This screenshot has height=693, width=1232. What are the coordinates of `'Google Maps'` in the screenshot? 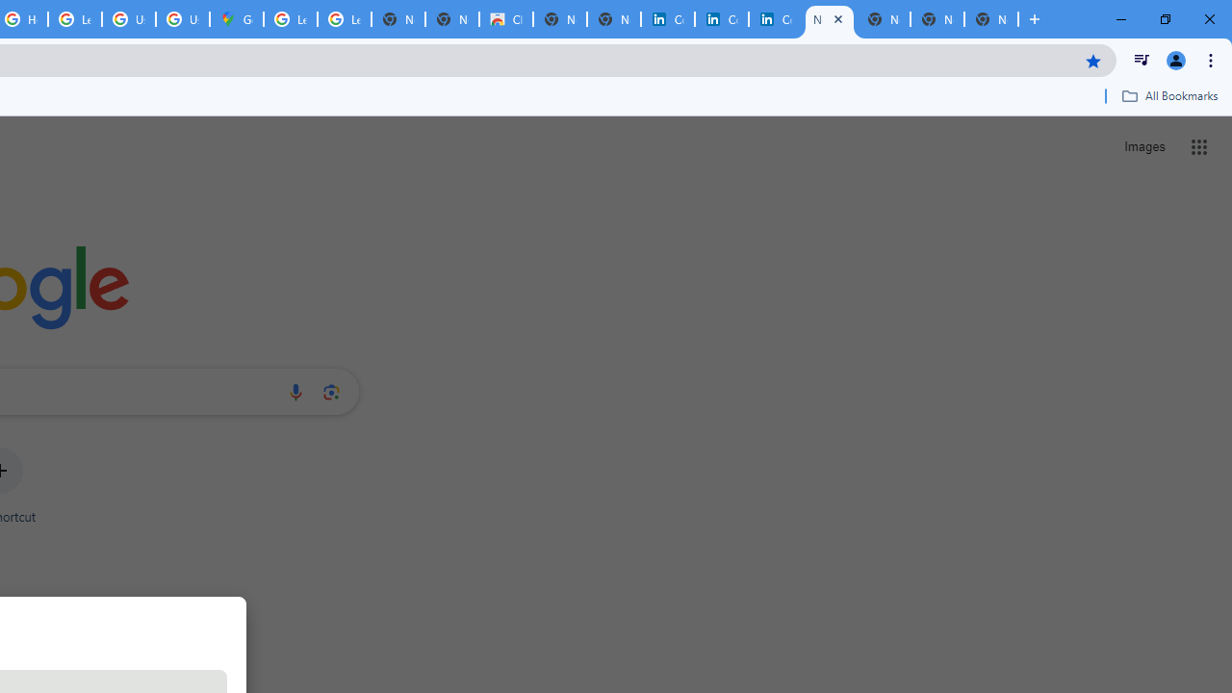 It's located at (235, 19).